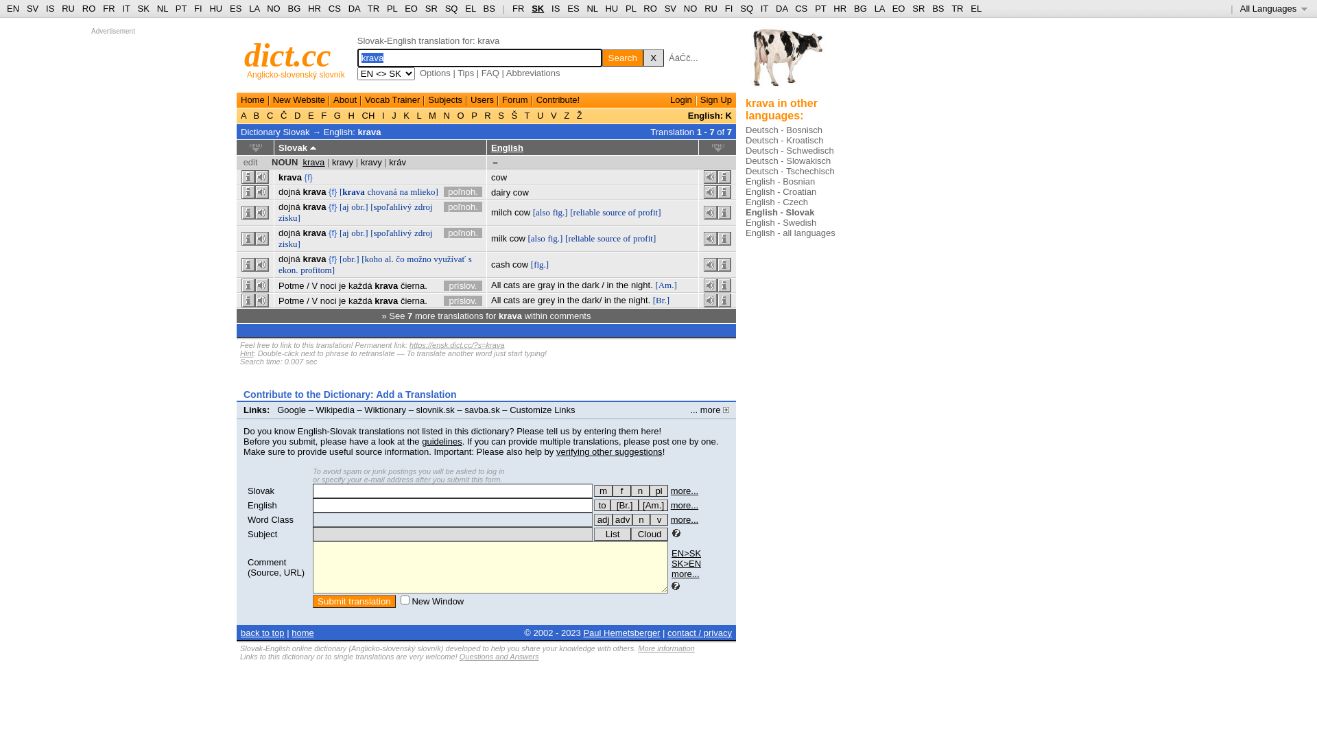 Image resolution: width=1317 pixels, height=741 pixels. What do you see at coordinates (302, 633) in the screenshot?
I see `'home'` at bounding box center [302, 633].